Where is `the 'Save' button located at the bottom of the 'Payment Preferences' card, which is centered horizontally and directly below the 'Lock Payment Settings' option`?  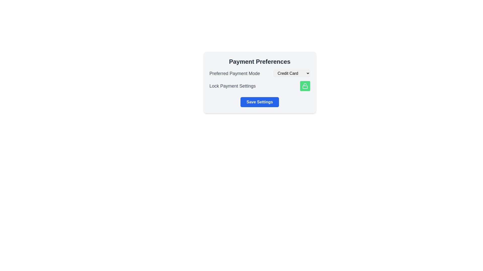 the 'Save' button located at the bottom of the 'Payment Preferences' card, which is centered horizontally and directly below the 'Lock Payment Settings' option is located at coordinates (260, 102).